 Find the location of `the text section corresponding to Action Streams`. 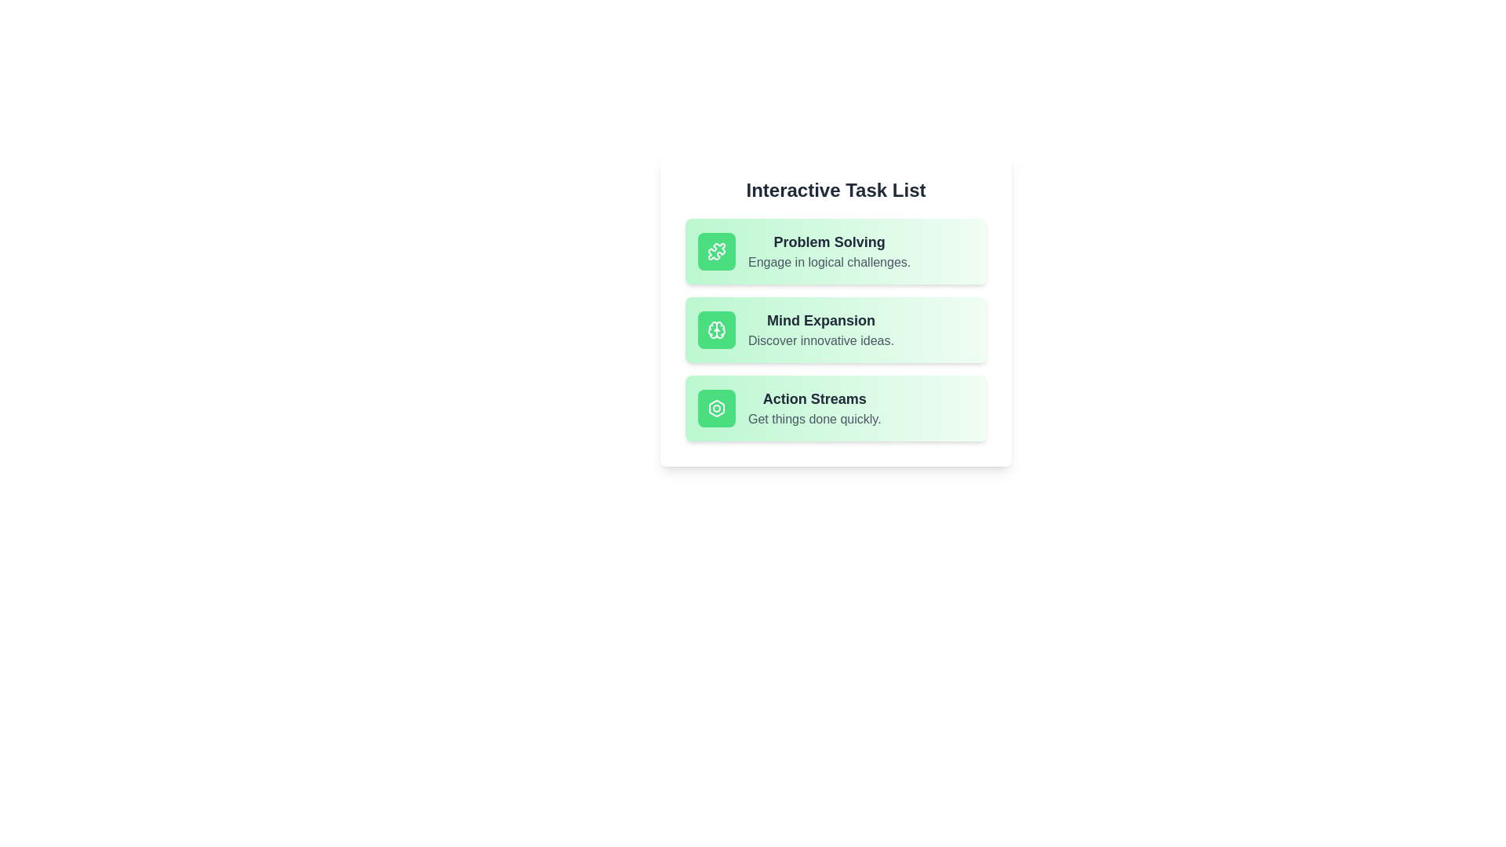

the text section corresponding to Action Streams is located at coordinates (835, 407).